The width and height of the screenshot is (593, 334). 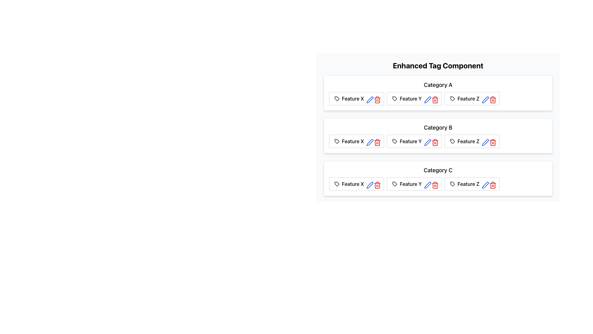 What do you see at coordinates (427, 143) in the screenshot?
I see `the blue outlined pen icon in the 'Enhanced Tag Component' section` at bounding box center [427, 143].